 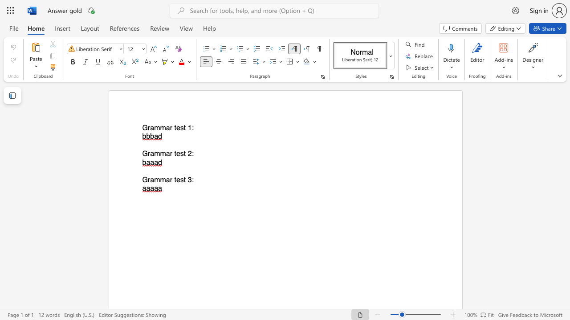 What do you see at coordinates (147, 128) in the screenshot?
I see `the subset text "ramma" within the text "Grammar test 1:"` at bounding box center [147, 128].